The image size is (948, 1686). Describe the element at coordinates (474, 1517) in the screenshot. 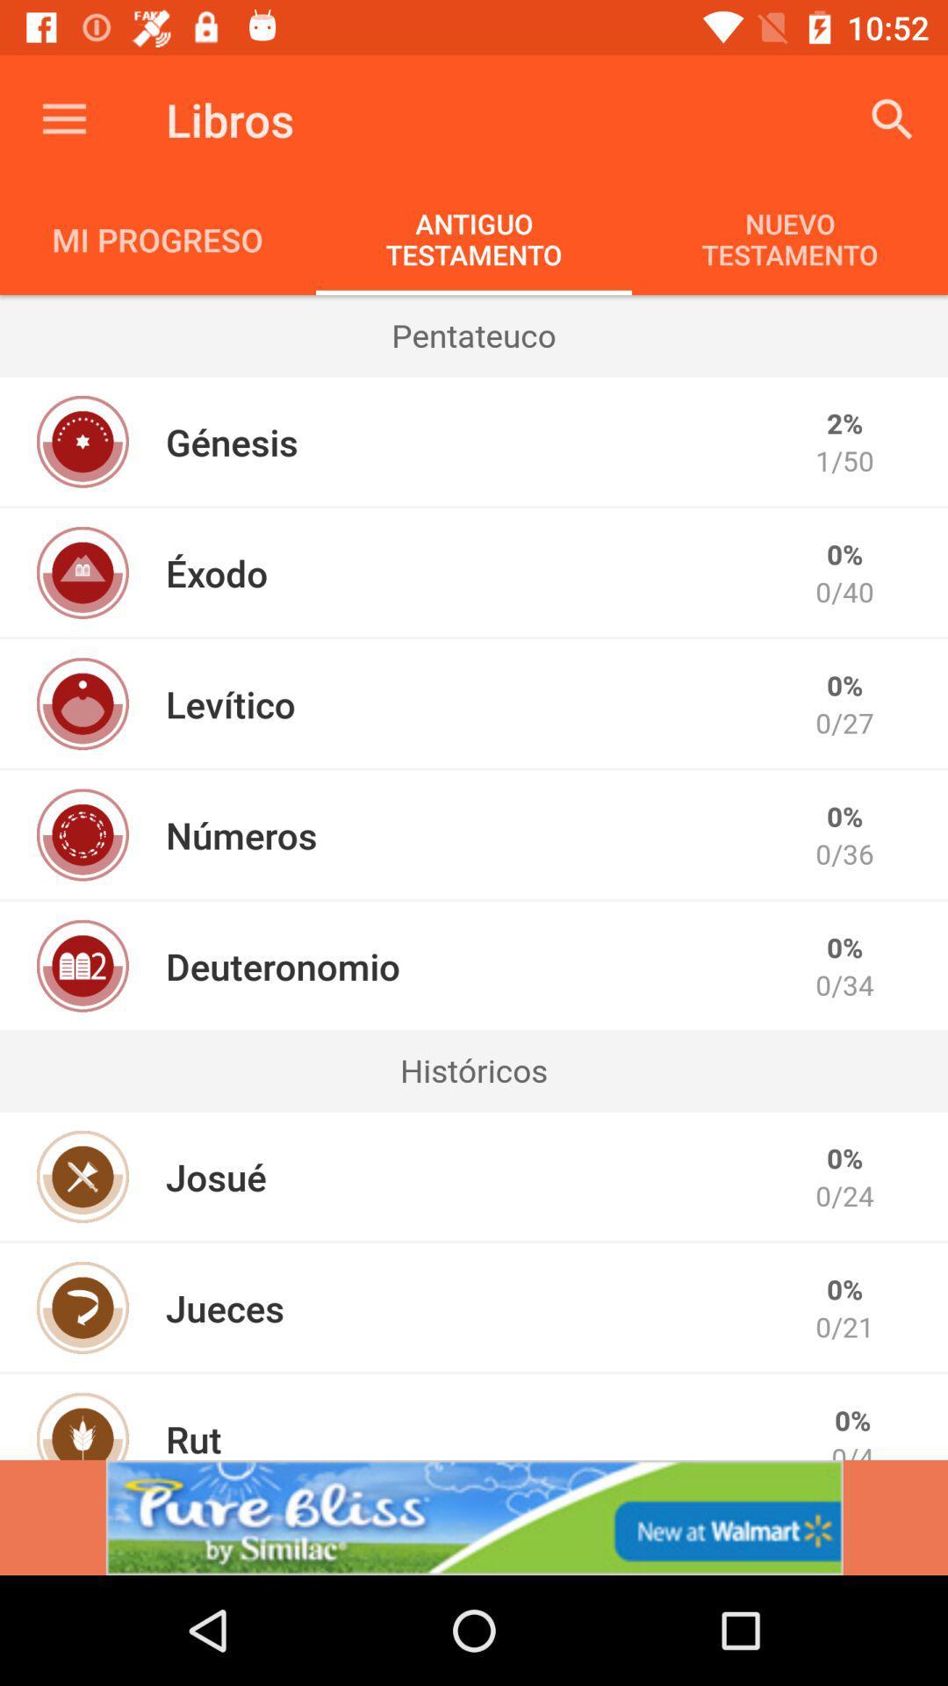

I see `advertisement for pure bliss by similac` at that location.